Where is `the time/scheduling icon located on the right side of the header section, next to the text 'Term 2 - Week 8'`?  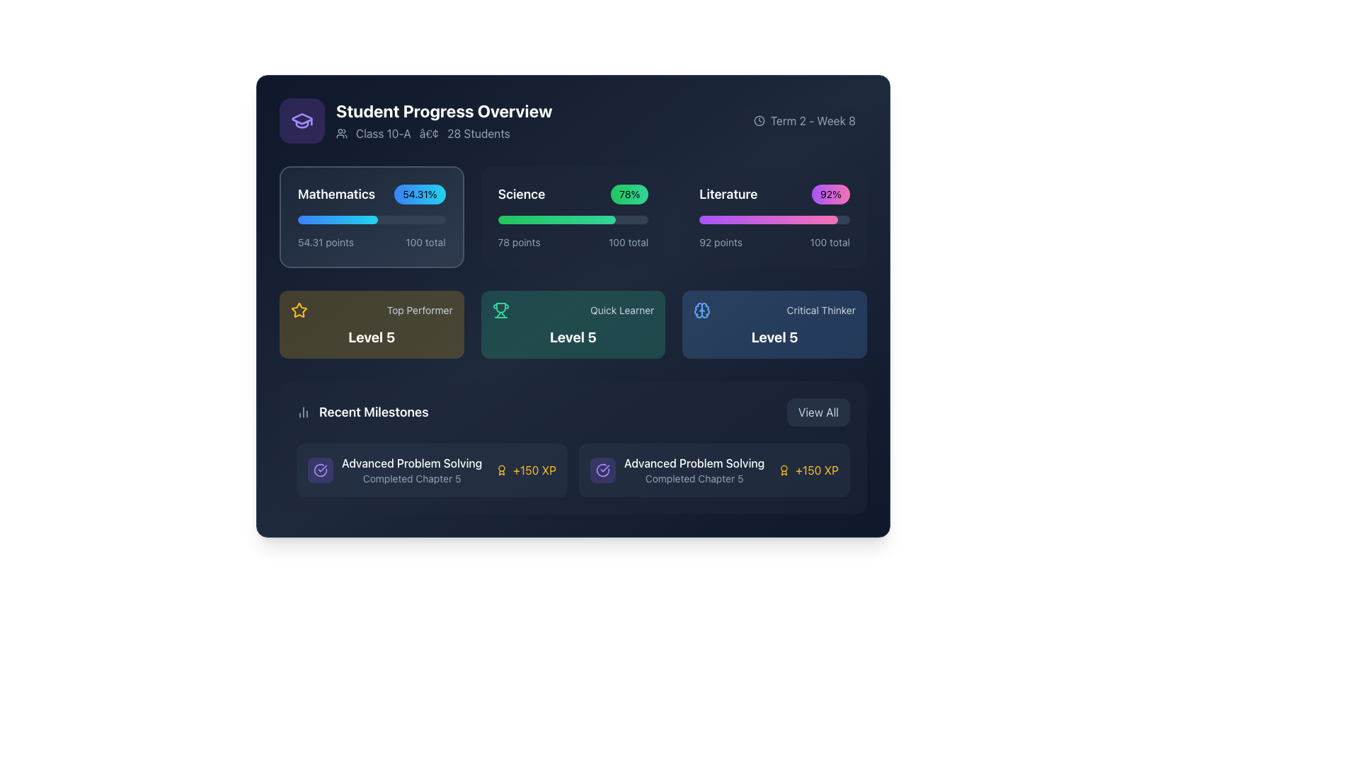
the time/scheduling icon located on the right side of the header section, next to the text 'Term 2 - Week 8' is located at coordinates (758, 120).